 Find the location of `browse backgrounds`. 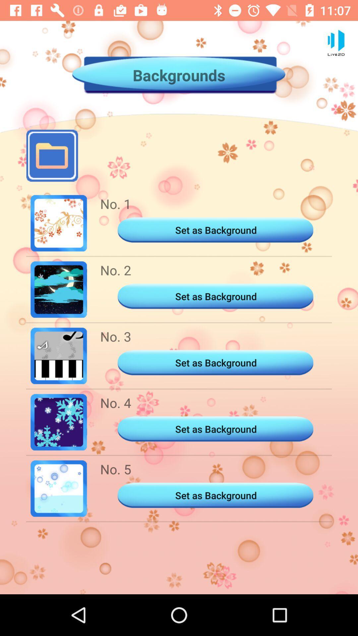

browse backgrounds is located at coordinates (52, 155).